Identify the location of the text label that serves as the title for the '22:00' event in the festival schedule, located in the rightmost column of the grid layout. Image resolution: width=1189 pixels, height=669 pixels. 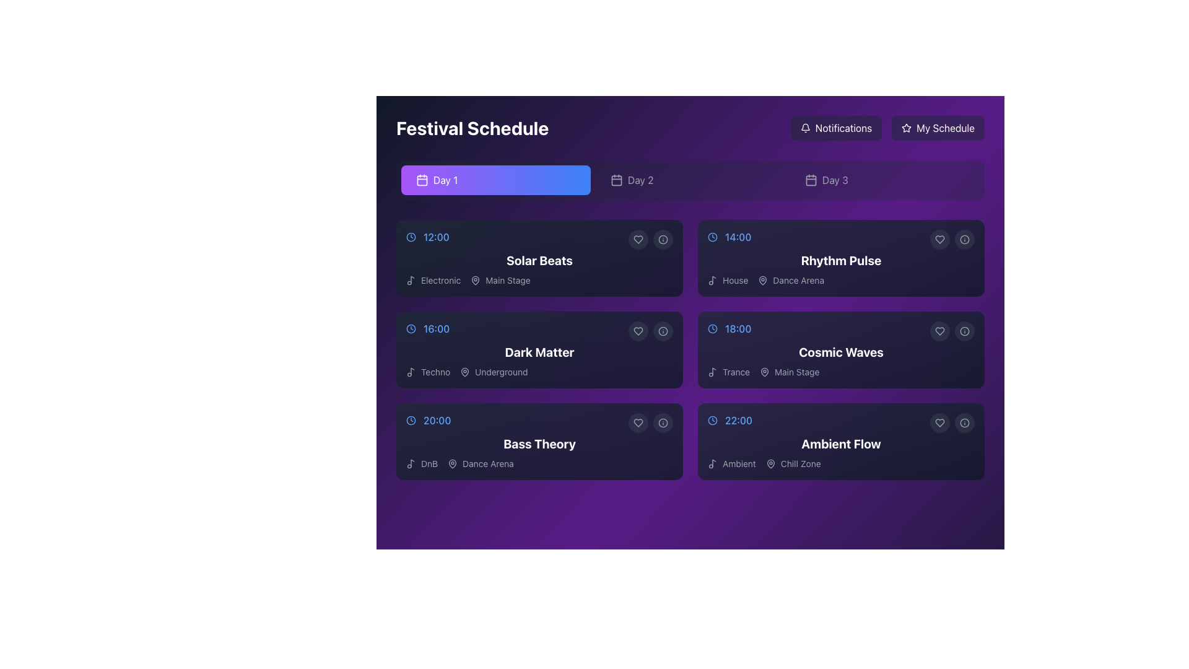
(841, 444).